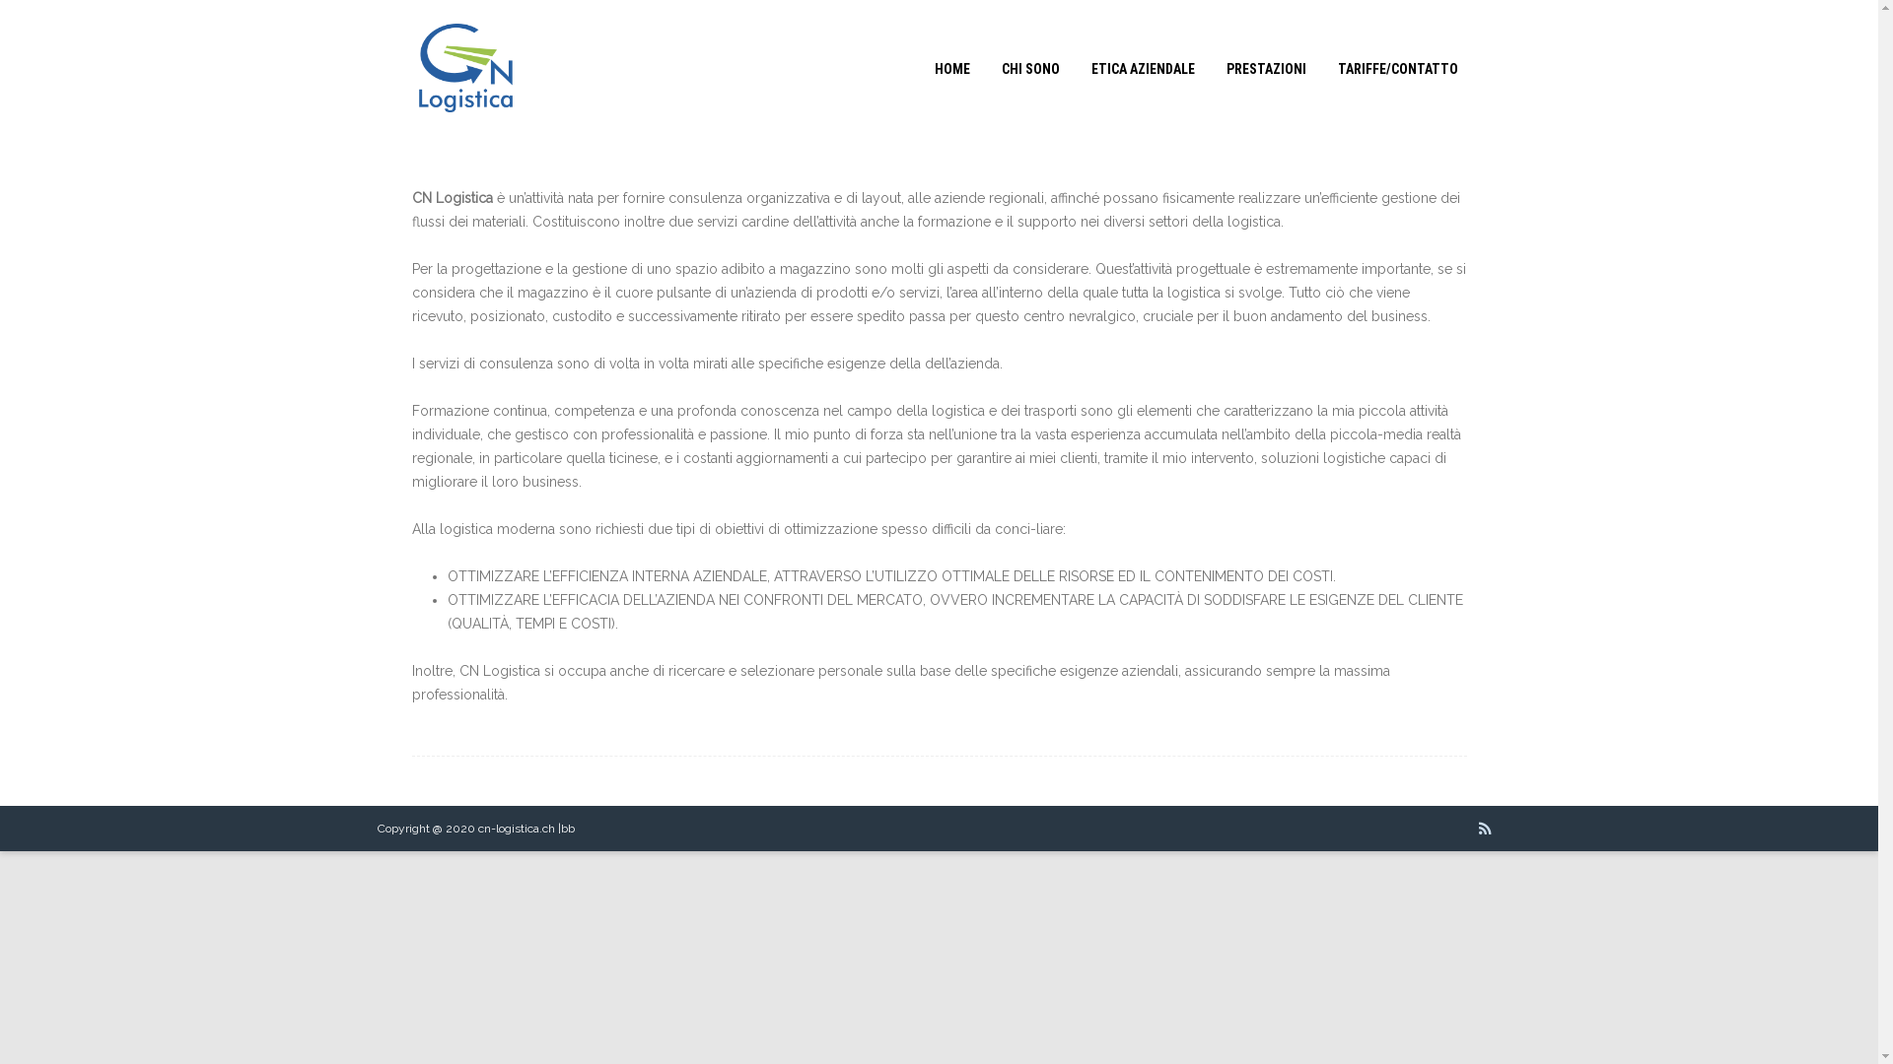 Image resolution: width=1893 pixels, height=1064 pixels. Describe the element at coordinates (1143, 67) in the screenshot. I see `'ETICA AZIENDALE'` at that location.